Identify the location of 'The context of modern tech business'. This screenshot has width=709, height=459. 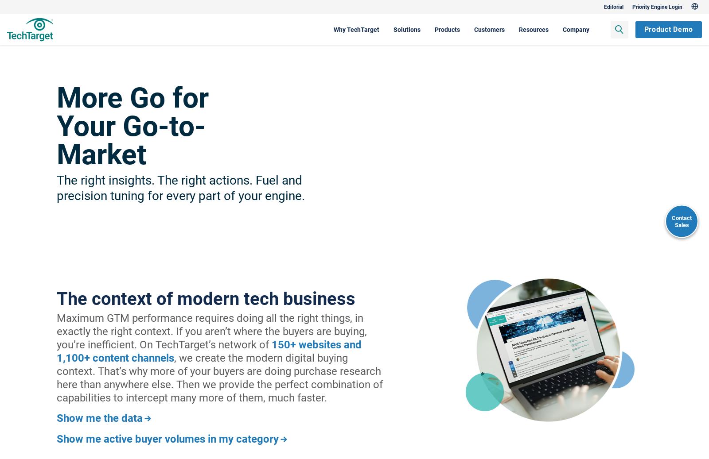
(56, 299).